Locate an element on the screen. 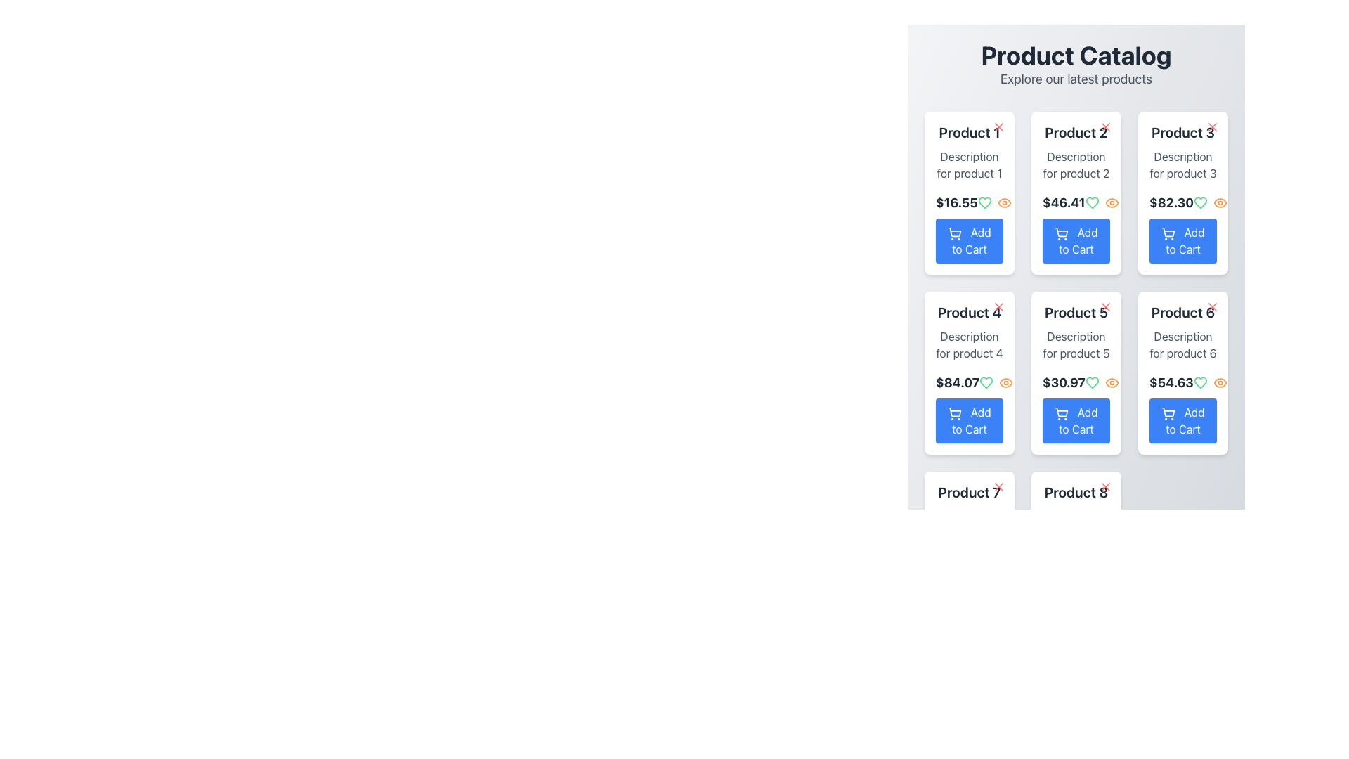 The image size is (1349, 759). the SVG graphic icon located in the top-right corner of the 'Product 2' card, which indicates the state of the product is located at coordinates (1105, 127).